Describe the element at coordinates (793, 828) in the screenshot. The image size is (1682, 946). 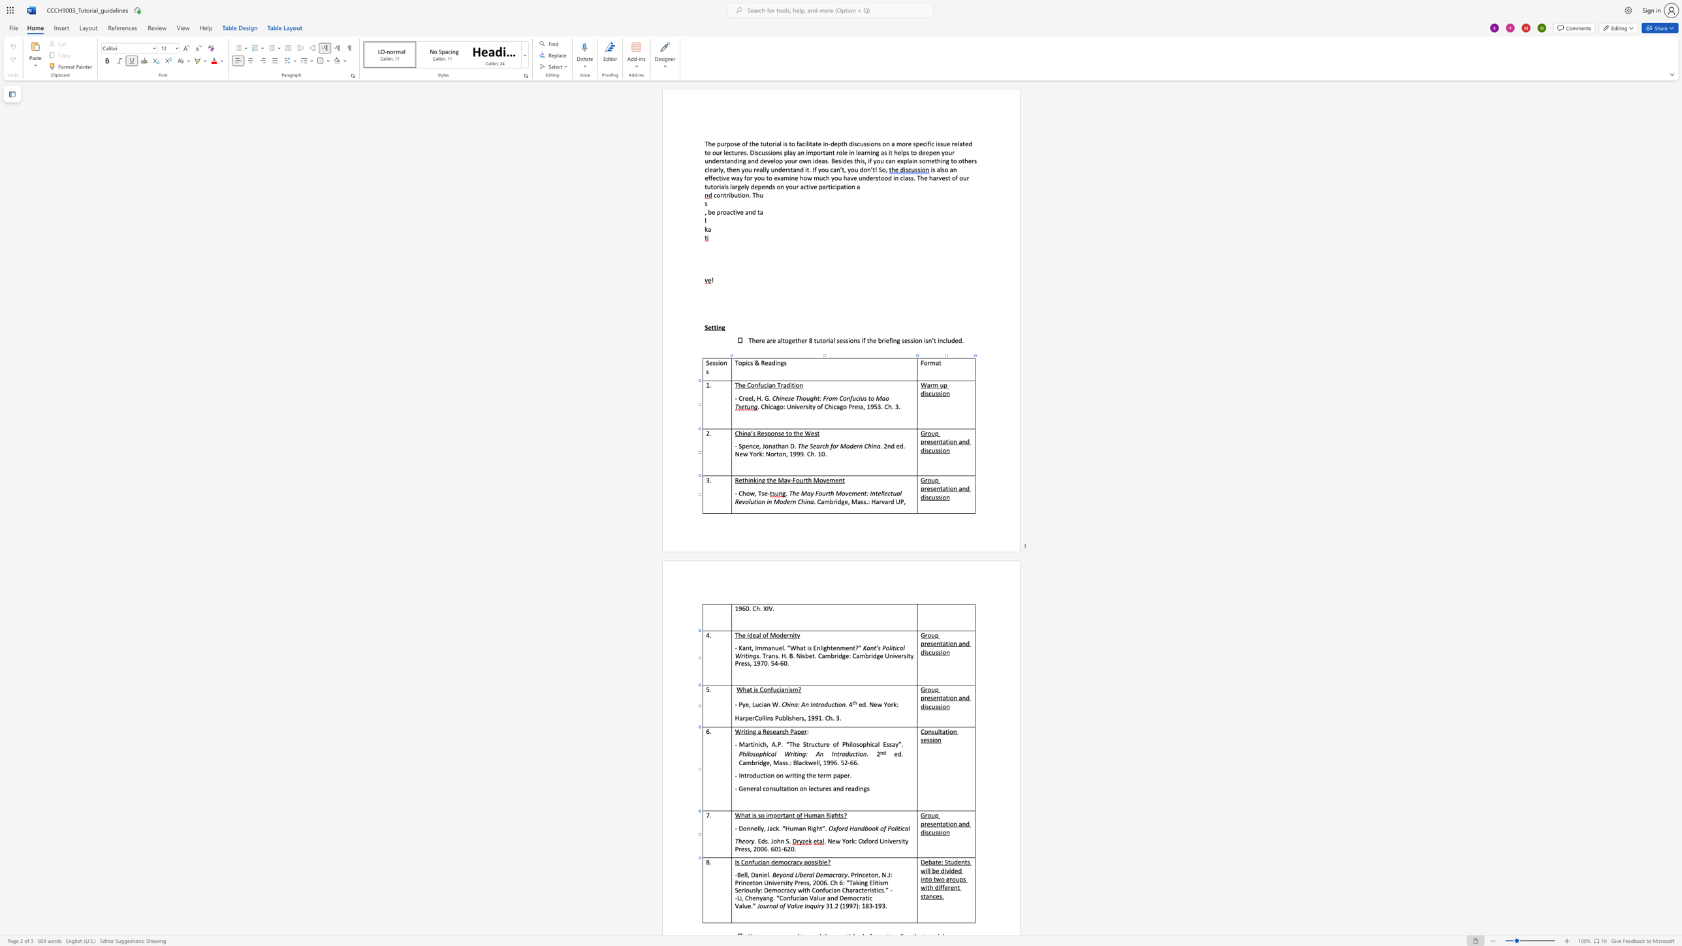
I see `the space between the continuous character "u" and "m" in the text` at that location.